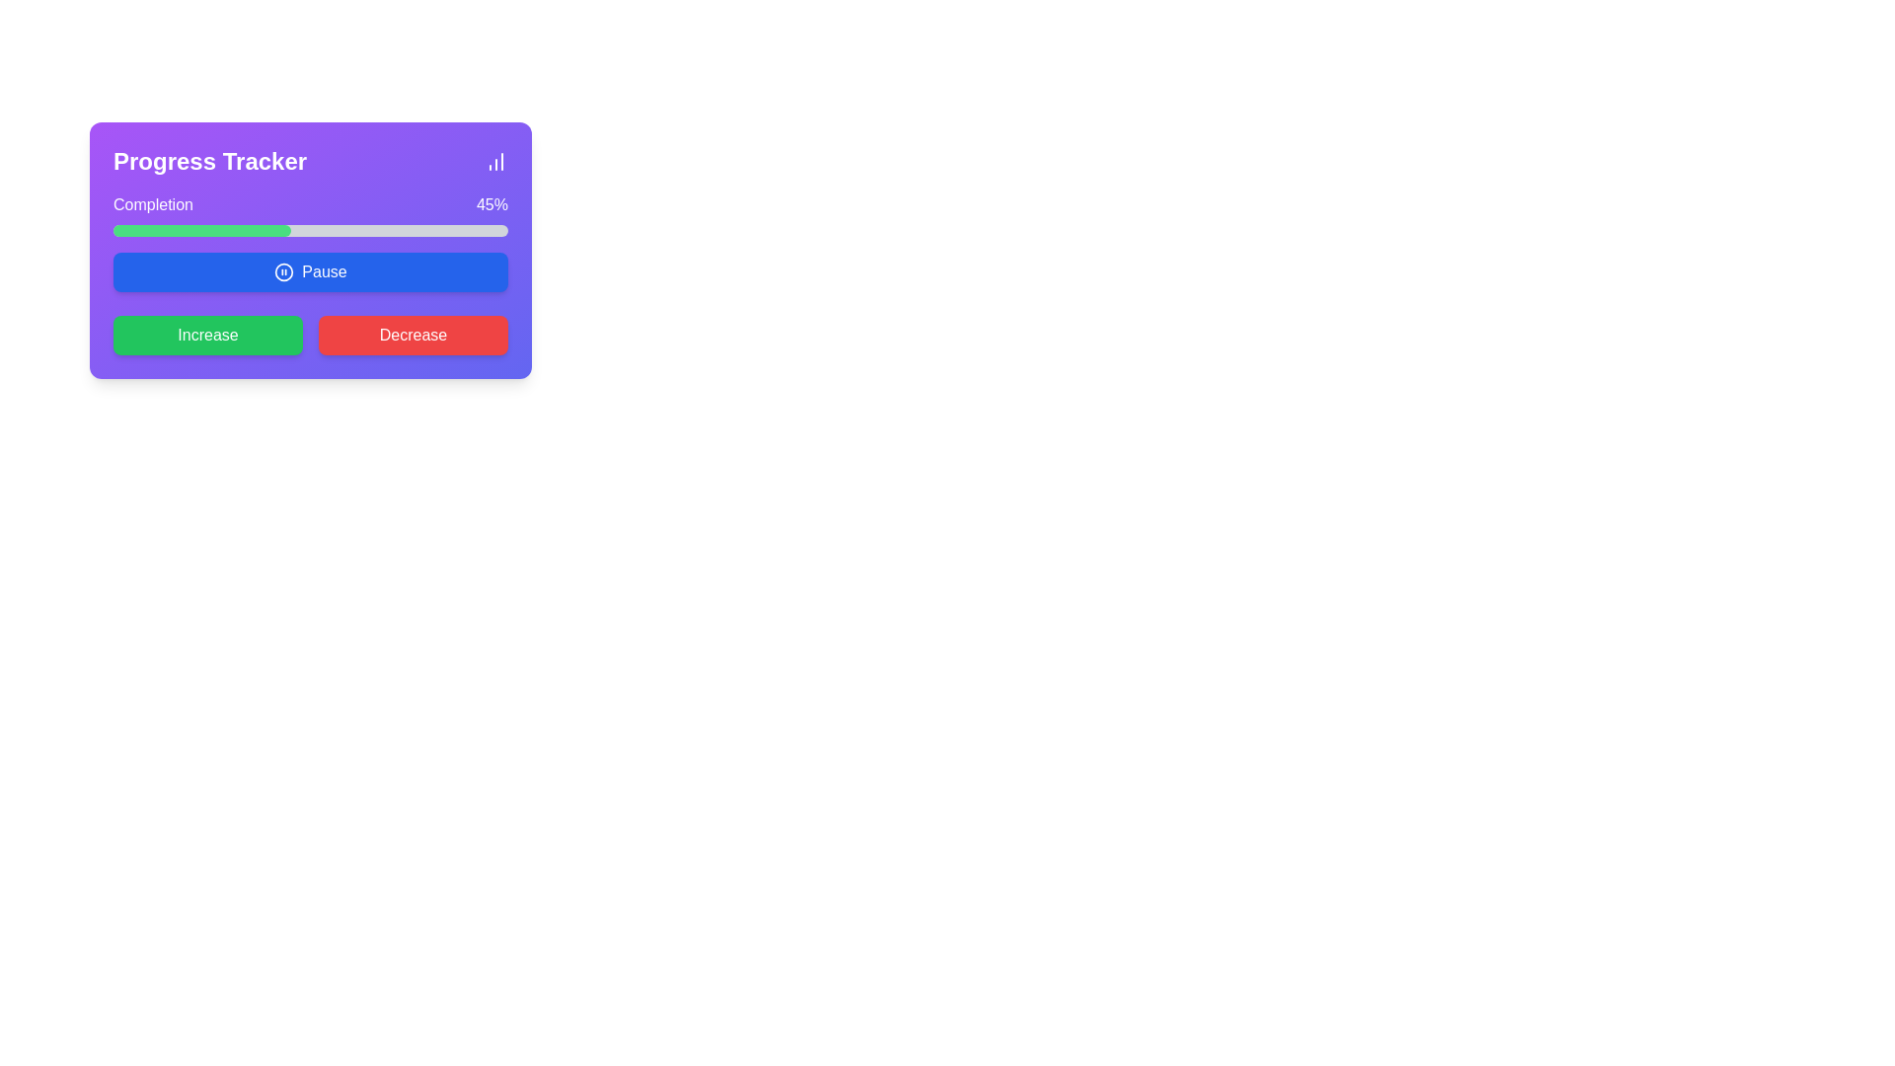 The width and height of the screenshot is (1895, 1066). Describe the element at coordinates (310, 334) in the screenshot. I see `the 'Increase' button in the button group, which is styled with a green background and white text, to increment the value` at that location.